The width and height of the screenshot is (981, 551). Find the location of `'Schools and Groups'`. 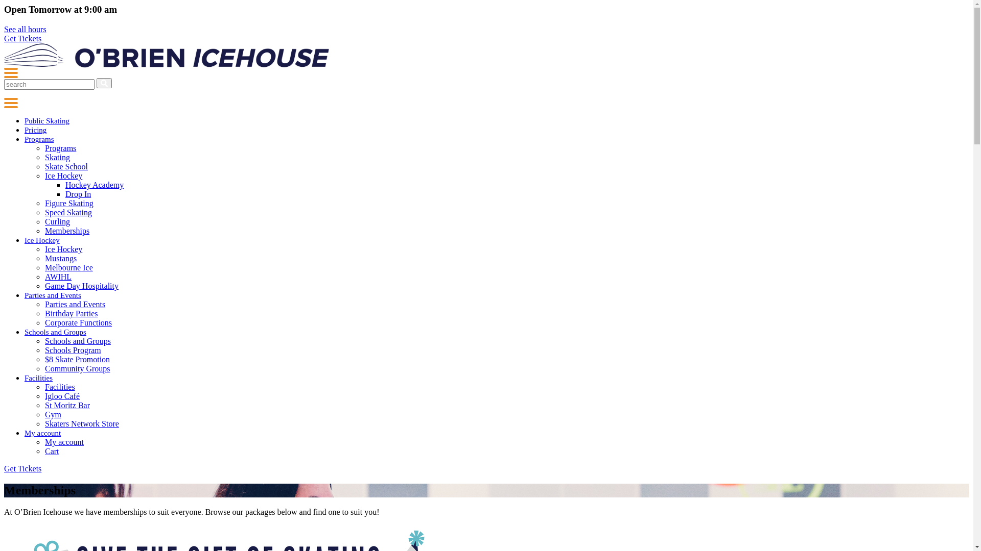

'Schools and Groups' is located at coordinates (44, 341).